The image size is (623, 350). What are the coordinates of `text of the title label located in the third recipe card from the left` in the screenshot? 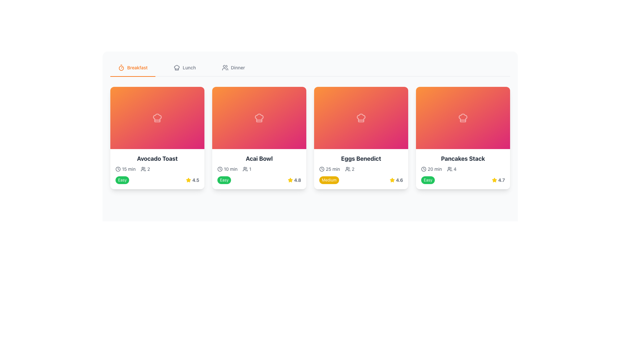 It's located at (361, 158).